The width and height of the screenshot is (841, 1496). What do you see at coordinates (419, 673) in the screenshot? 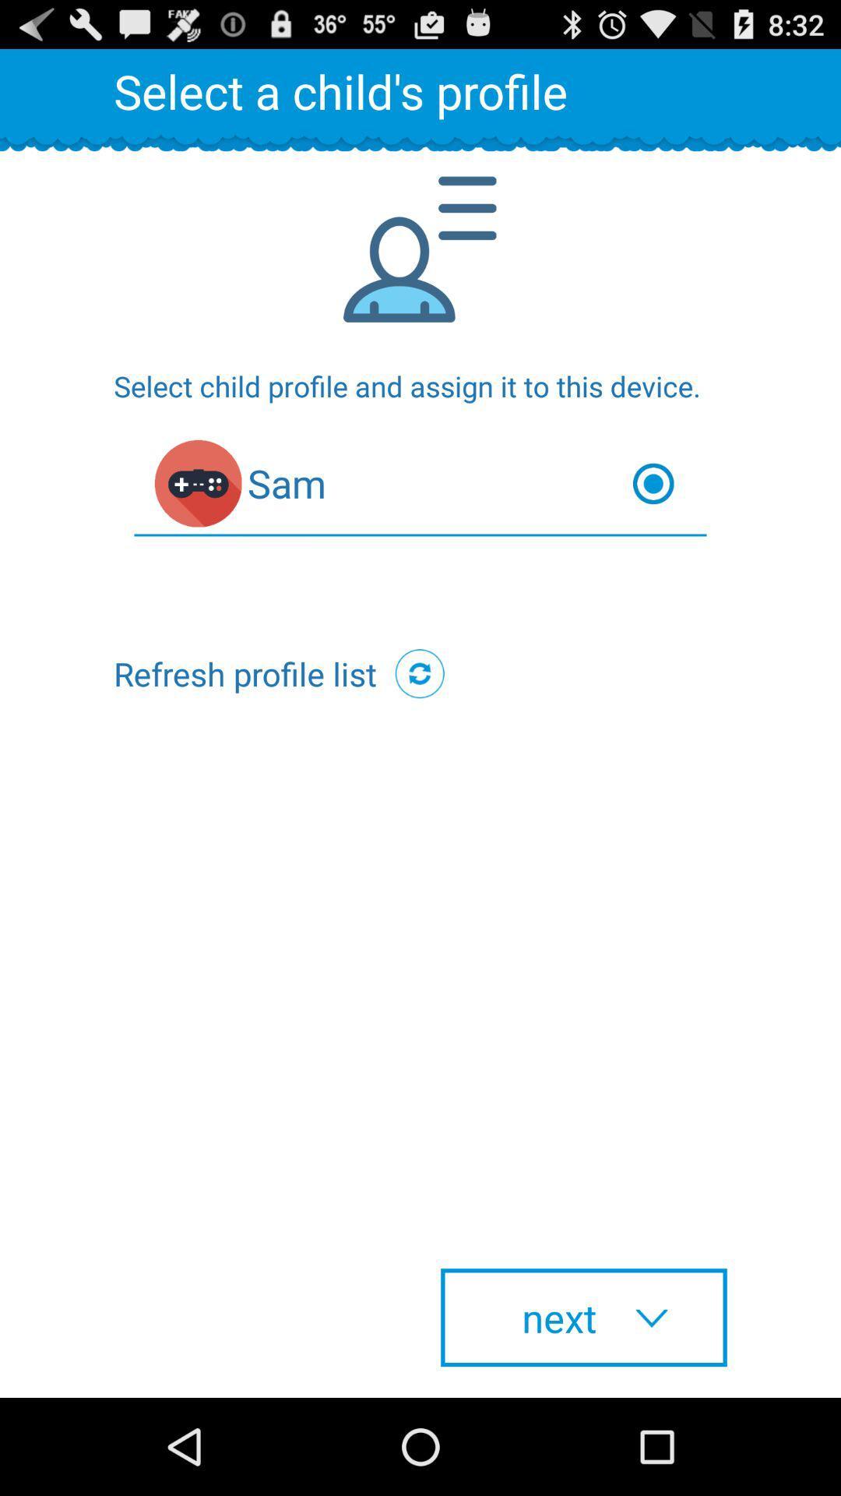
I see `app to the right of the refresh profile list item` at bounding box center [419, 673].